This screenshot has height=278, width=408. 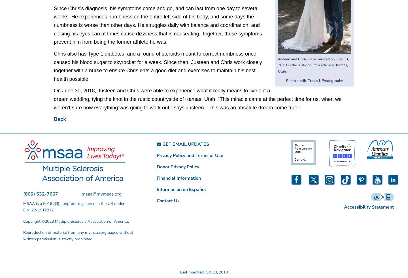 What do you see at coordinates (101, 194) in the screenshot?
I see `'msaa@mymsaa.org'` at bounding box center [101, 194].